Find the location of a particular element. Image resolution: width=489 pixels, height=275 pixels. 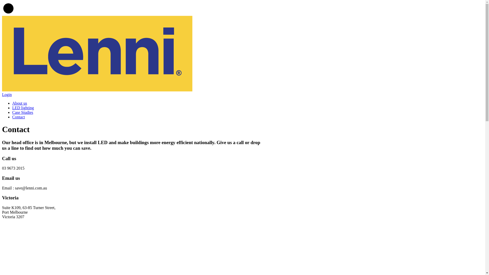

'About us' is located at coordinates (12, 103).